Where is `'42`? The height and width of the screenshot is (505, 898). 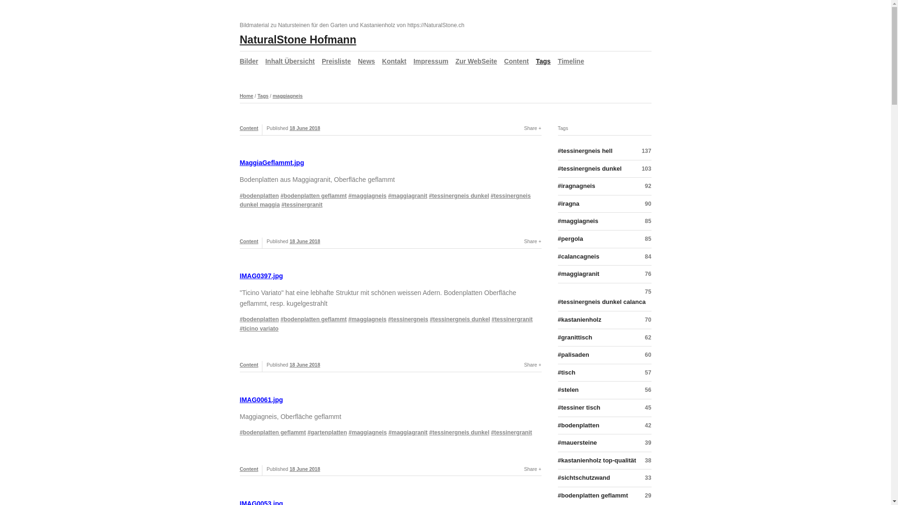
'42 is located at coordinates (604, 426).